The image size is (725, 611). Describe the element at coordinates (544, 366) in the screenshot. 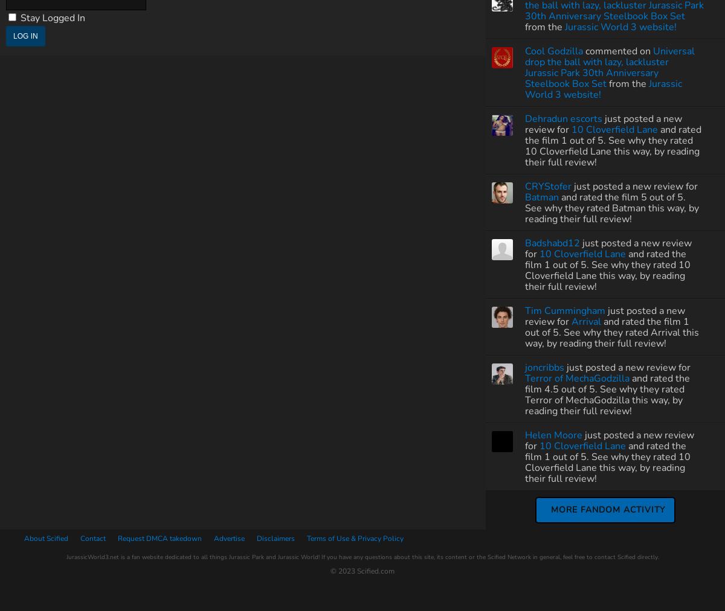

I see `'joncribbs'` at that location.